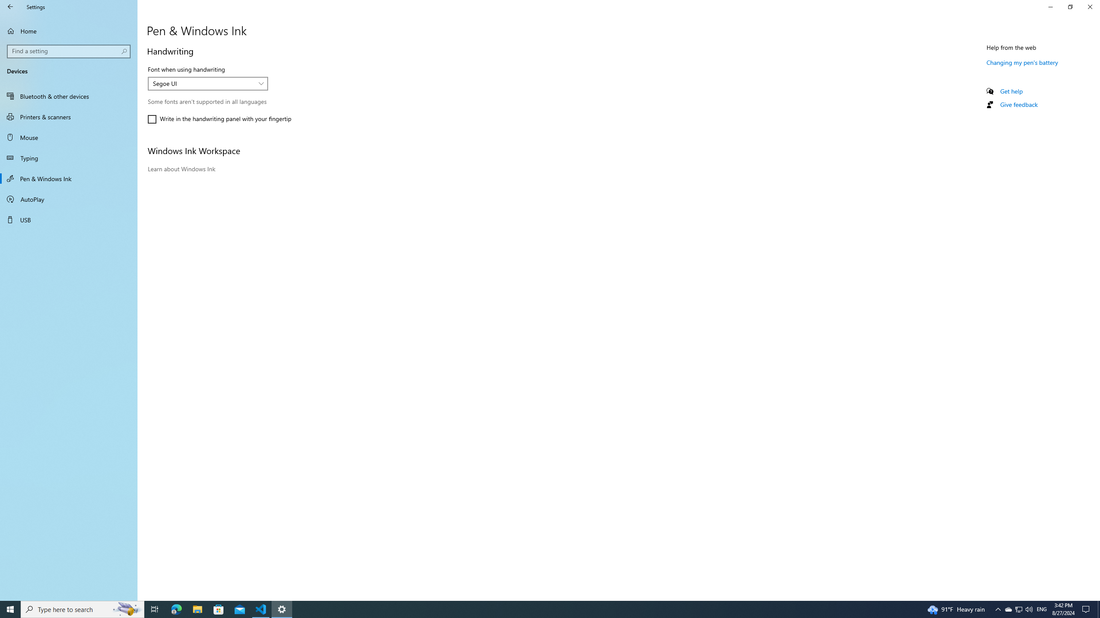 The height and width of the screenshot is (618, 1100). Describe the element at coordinates (68, 137) in the screenshot. I see `'Mouse'` at that location.